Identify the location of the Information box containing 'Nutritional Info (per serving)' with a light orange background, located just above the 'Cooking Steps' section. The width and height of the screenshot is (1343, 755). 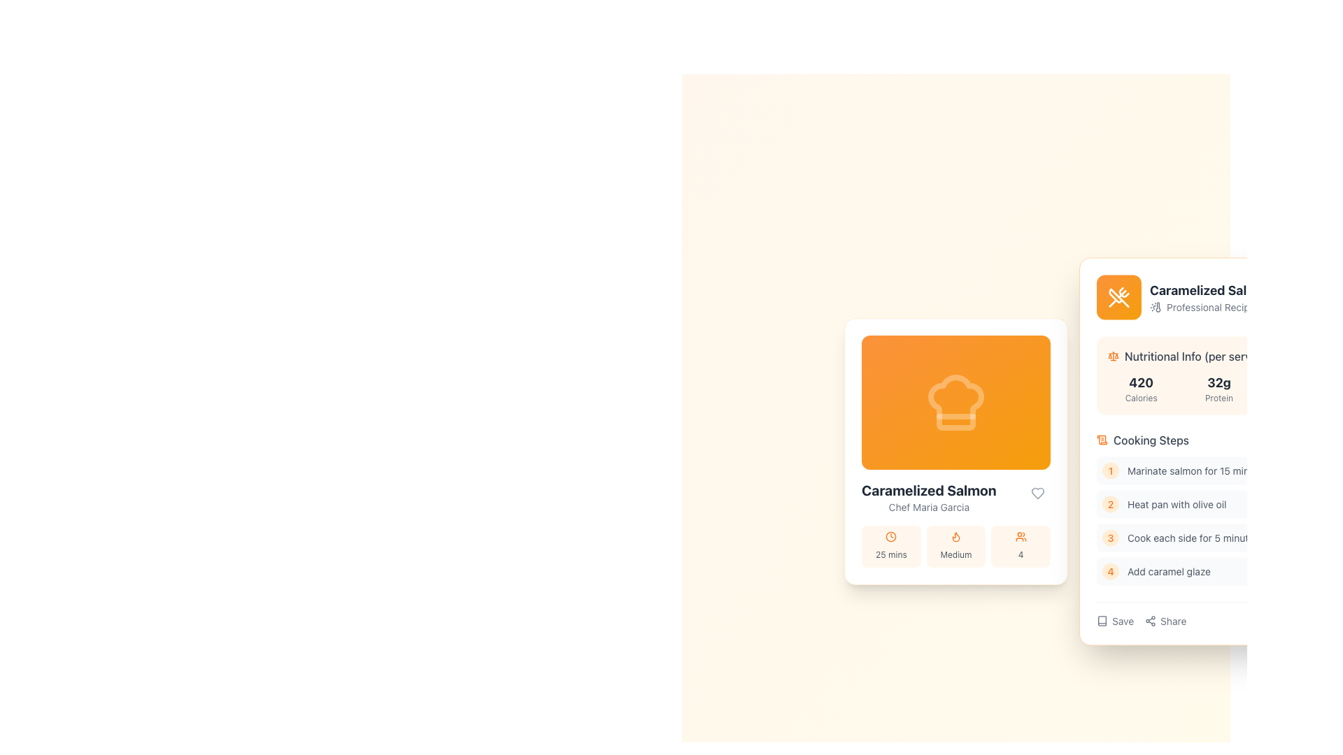
(1218, 375).